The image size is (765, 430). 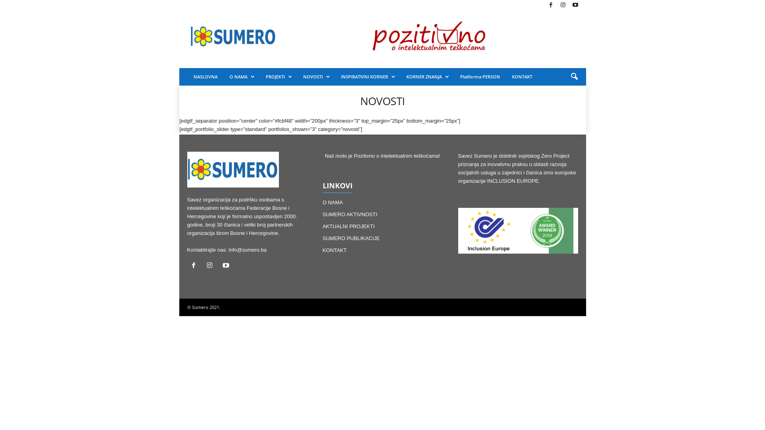 What do you see at coordinates (545, 5) in the screenshot?
I see `'Facebook'` at bounding box center [545, 5].